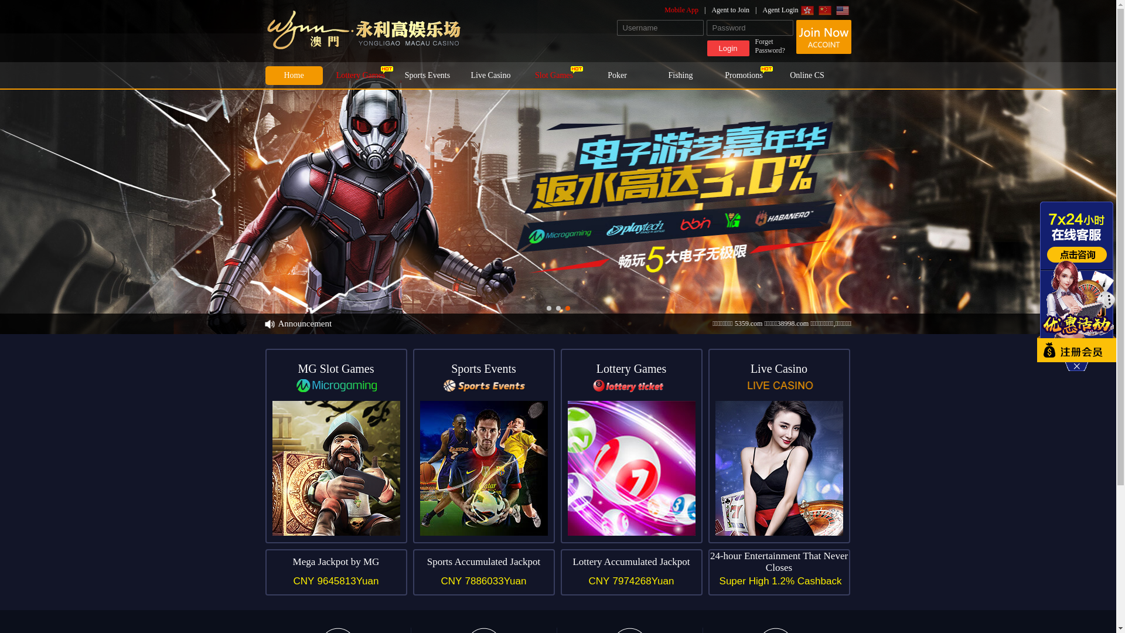  What do you see at coordinates (778, 75) in the screenshot?
I see `'Online CS'` at bounding box center [778, 75].